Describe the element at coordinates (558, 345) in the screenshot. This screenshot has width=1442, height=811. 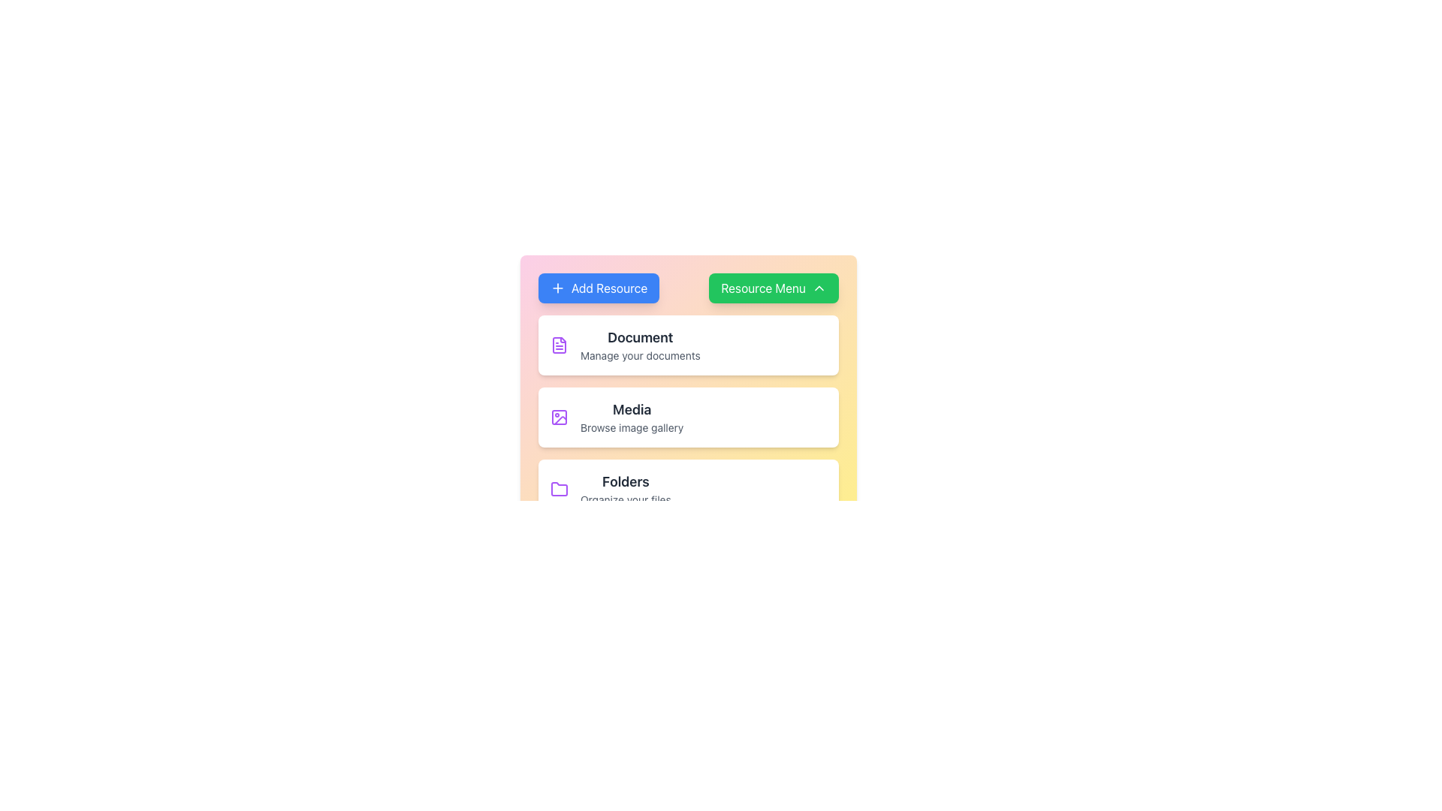
I see `the document icon, which is a graphic depiction of a white page with a purple outline located to the left of the 'Document' label in the list of resource items, to use it as a reference when selecting the associated option` at that location.